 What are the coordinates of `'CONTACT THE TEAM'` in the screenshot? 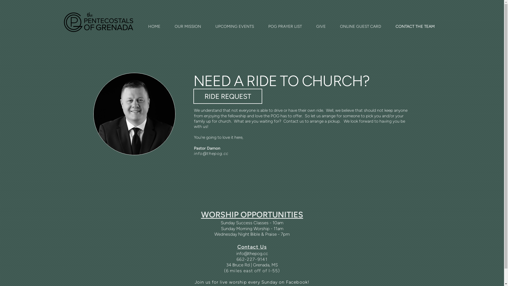 It's located at (388, 26).